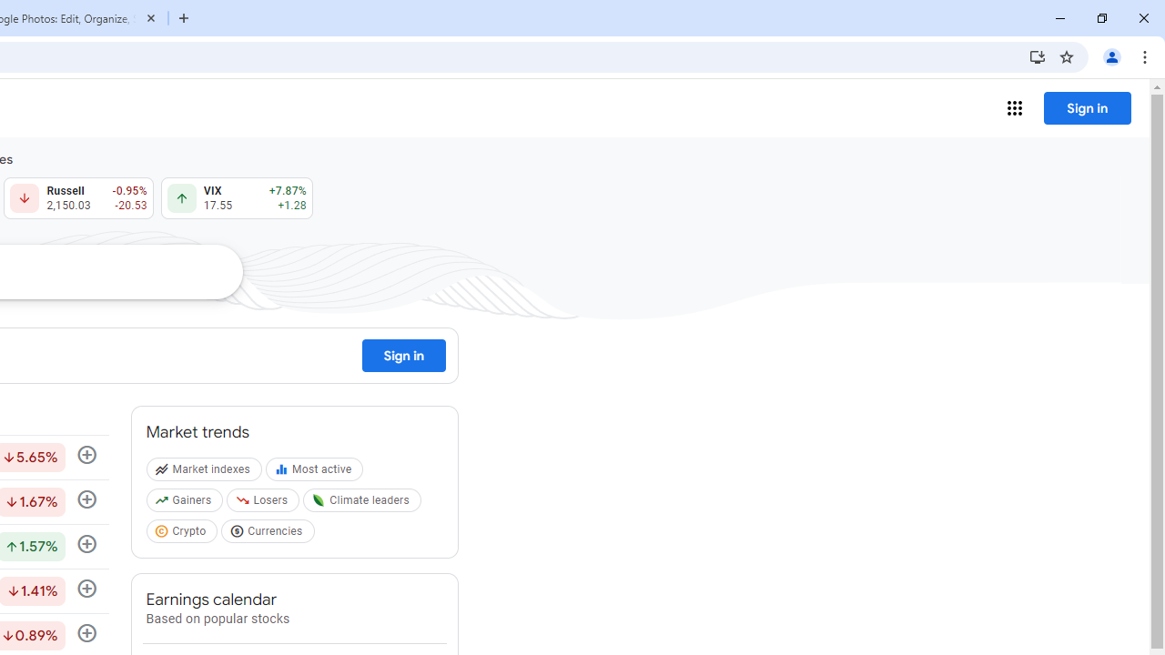 The image size is (1165, 655). Describe the element at coordinates (268, 533) in the screenshot. I see `'Currencies'` at that location.